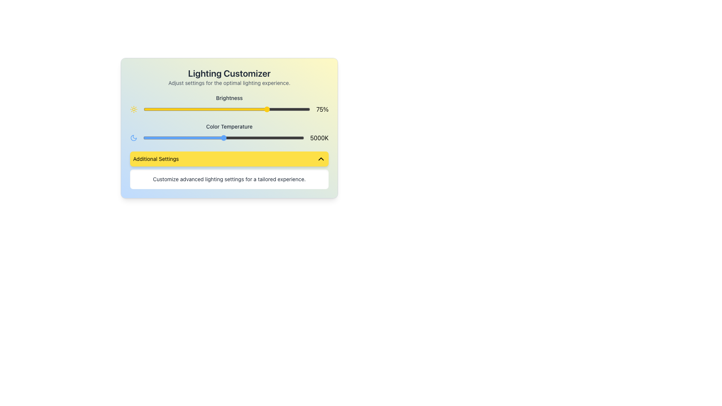 The width and height of the screenshot is (722, 406). What do you see at coordinates (165, 138) in the screenshot?
I see `the color temperature` at bounding box center [165, 138].